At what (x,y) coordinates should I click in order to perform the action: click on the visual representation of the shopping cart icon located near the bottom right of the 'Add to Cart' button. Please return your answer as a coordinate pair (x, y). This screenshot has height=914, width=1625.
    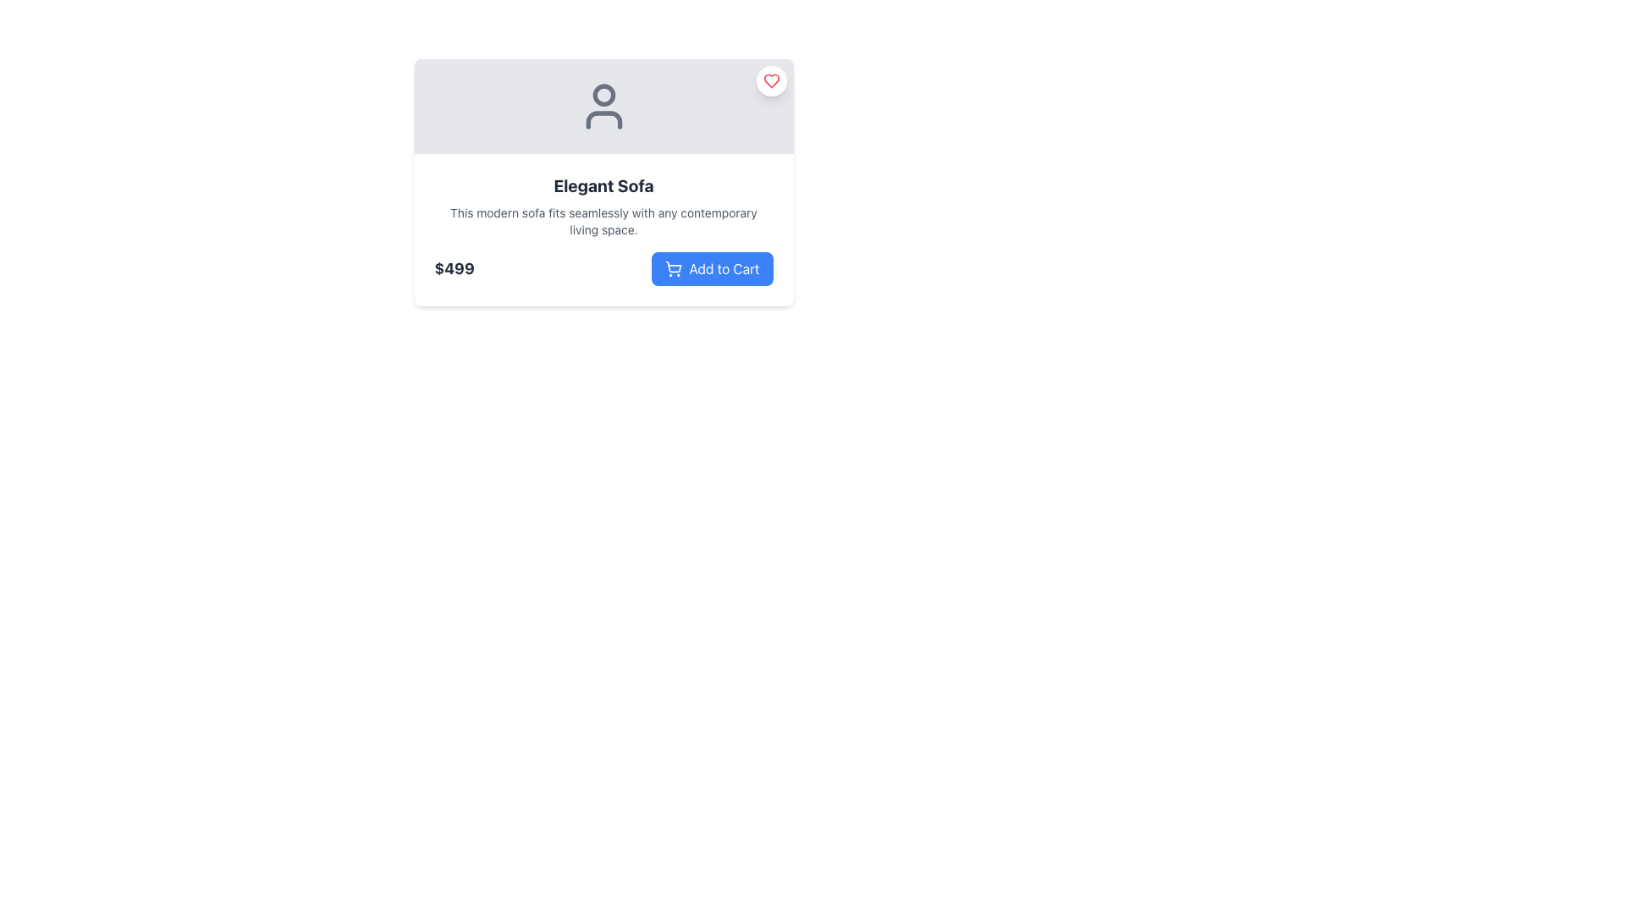
    Looking at the image, I should click on (673, 267).